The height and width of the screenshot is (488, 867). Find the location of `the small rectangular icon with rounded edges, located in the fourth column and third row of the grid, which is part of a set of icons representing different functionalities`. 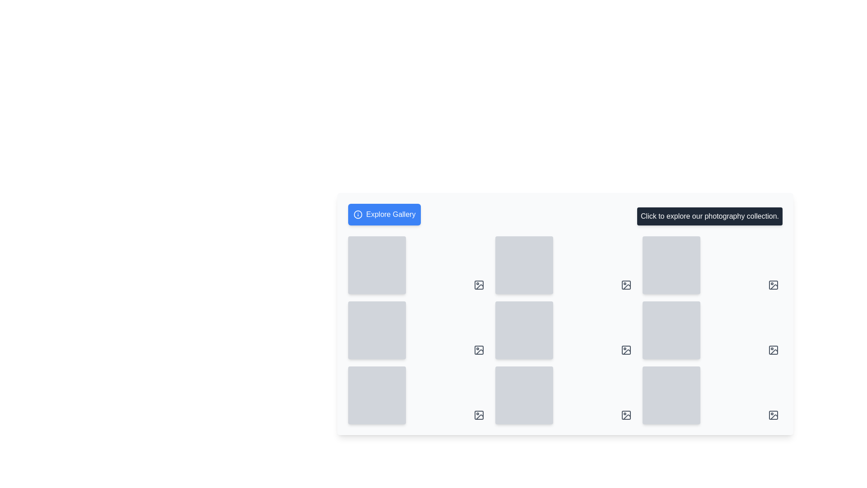

the small rectangular icon with rounded edges, located in the fourth column and third row of the grid, which is part of a set of icons representing different functionalities is located at coordinates (626, 350).